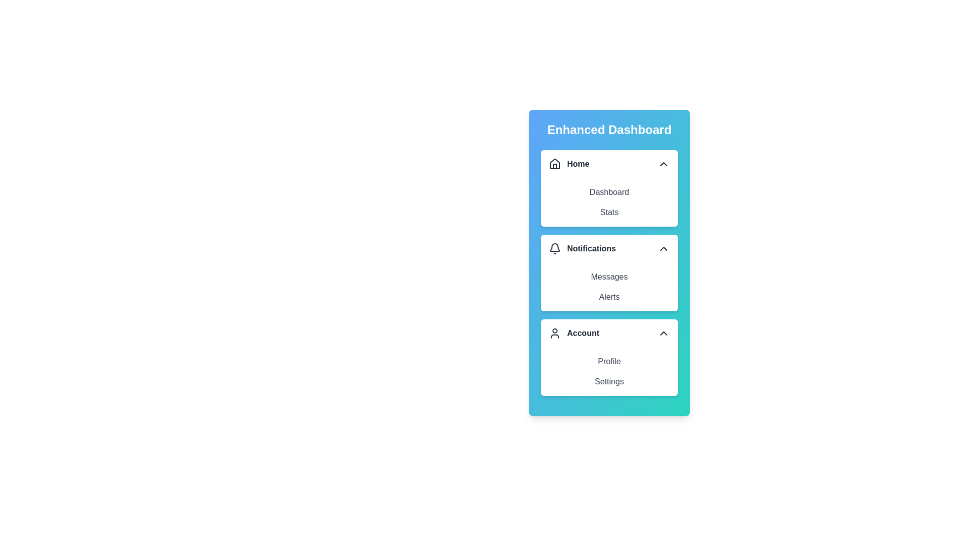  I want to click on the menu item Profile from the expanded section, so click(608, 361).